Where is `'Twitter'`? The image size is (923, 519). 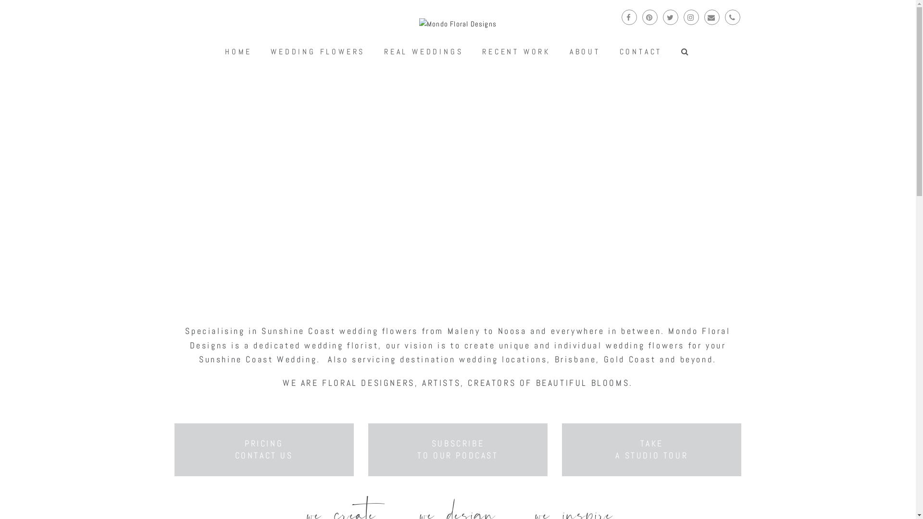 'Twitter' is located at coordinates (669, 17).